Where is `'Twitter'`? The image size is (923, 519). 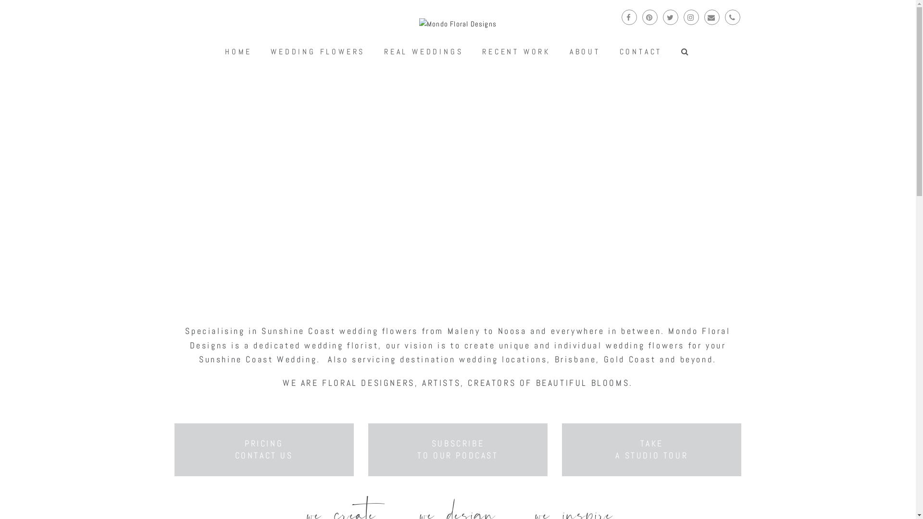 'Twitter' is located at coordinates (669, 17).